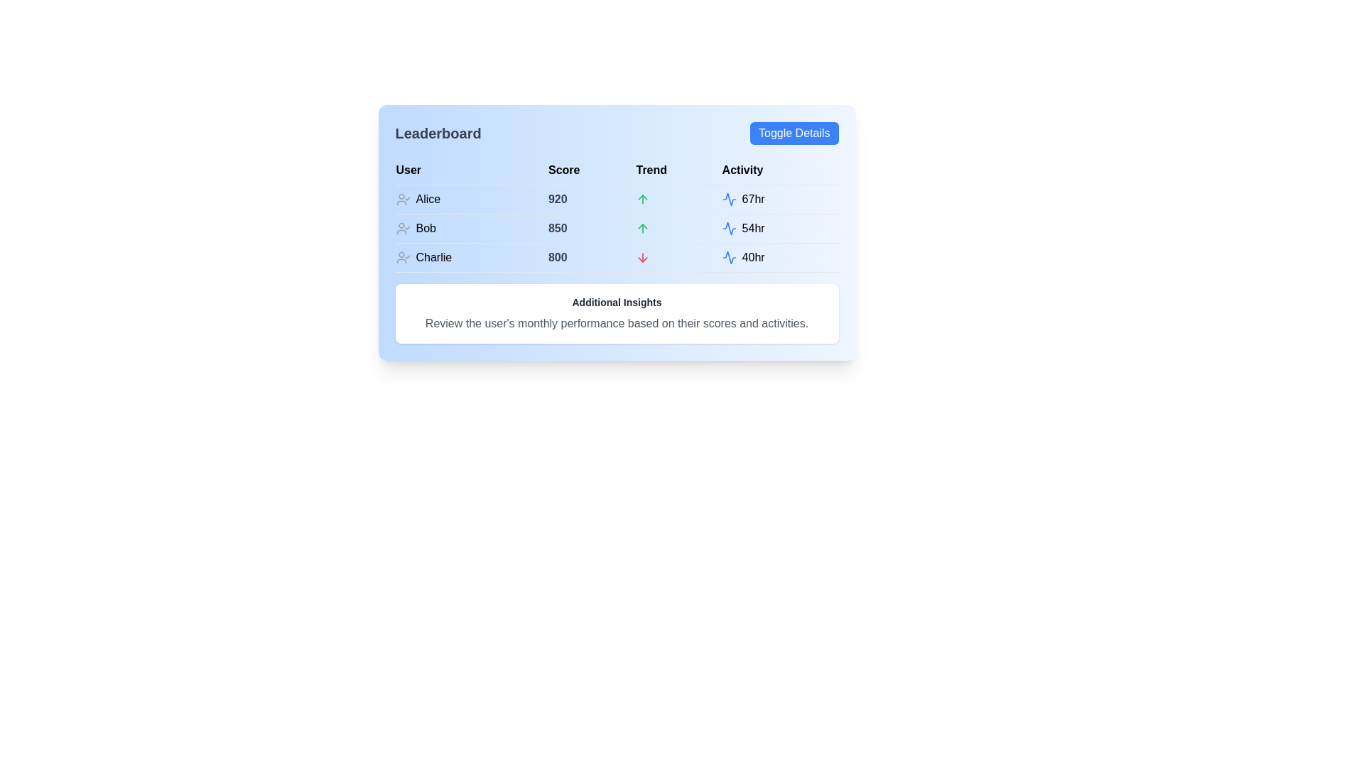 This screenshot has height=767, width=1364. Describe the element at coordinates (752, 257) in the screenshot. I see `the label displaying '40hr' in bold black color, located in the 'Activity' column of the leaderboard interface, specifically in the row for 'Charlie'` at that location.